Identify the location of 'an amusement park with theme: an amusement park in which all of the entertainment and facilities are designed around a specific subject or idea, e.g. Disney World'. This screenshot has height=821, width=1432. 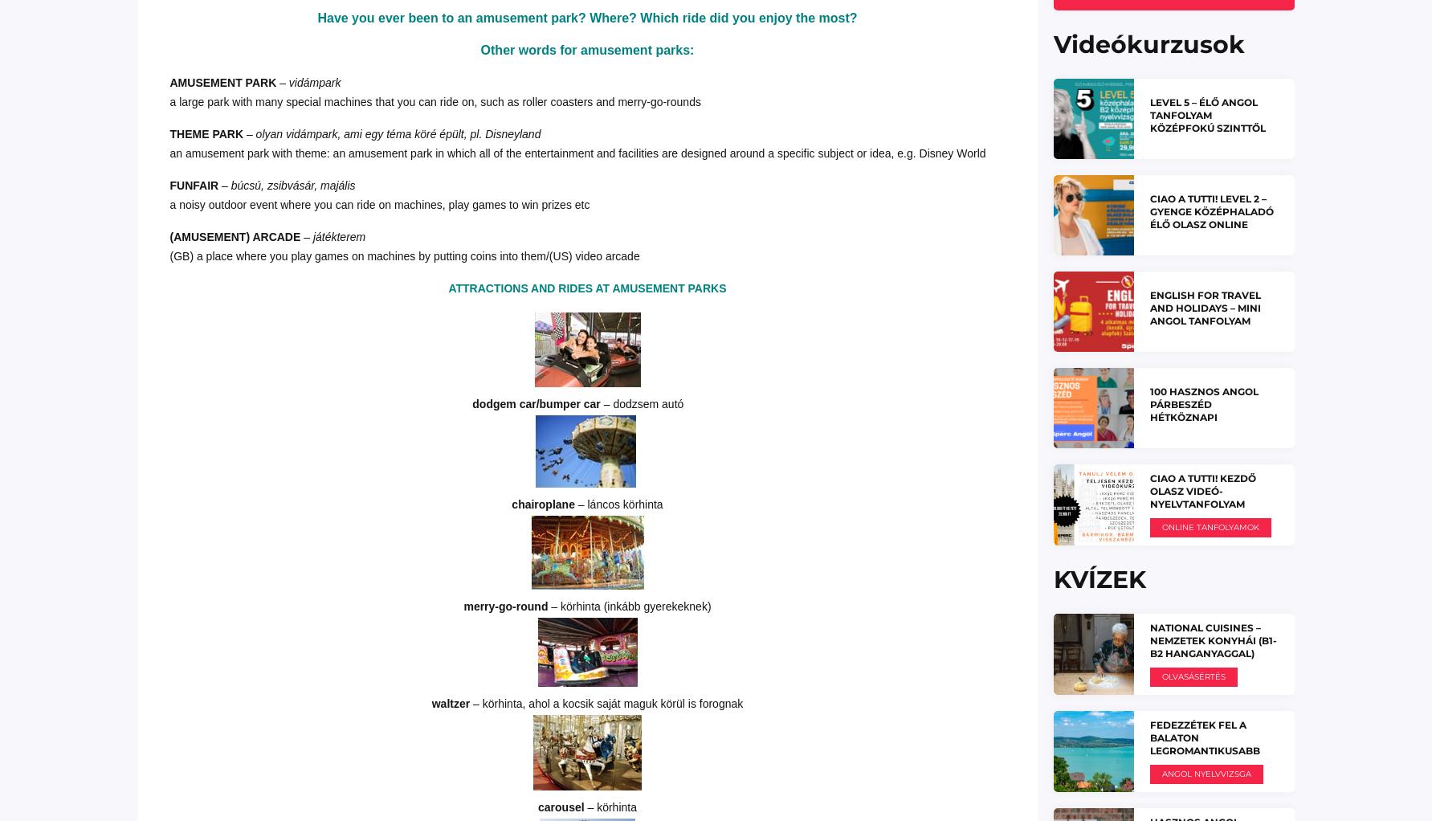
(585, 152).